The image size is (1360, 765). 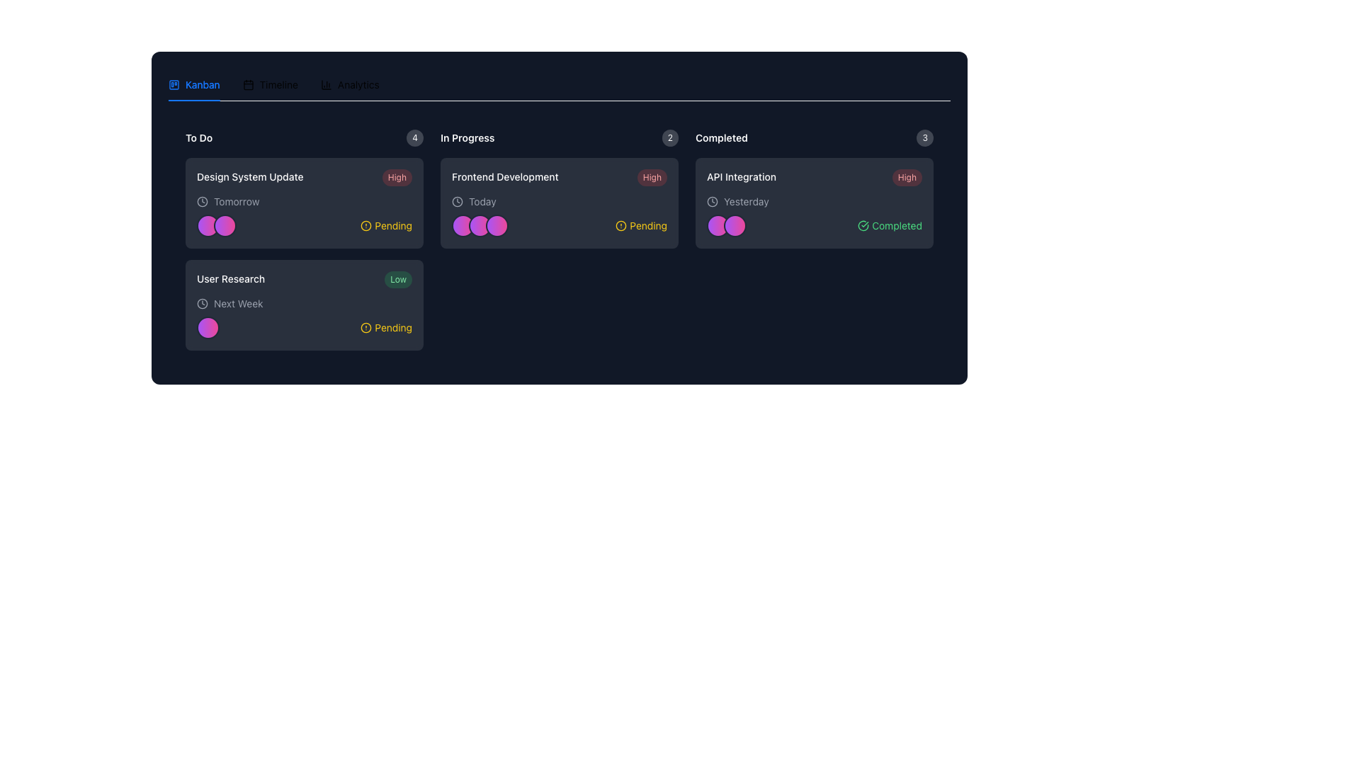 What do you see at coordinates (713, 202) in the screenshot?
I see `SVG graphic element - circle that visually represents part of a clock icon located within the 'Completed' card, below the title 'API Integration' and adjacent to the text 'Yesterday'` at bounding box center [713, 202].